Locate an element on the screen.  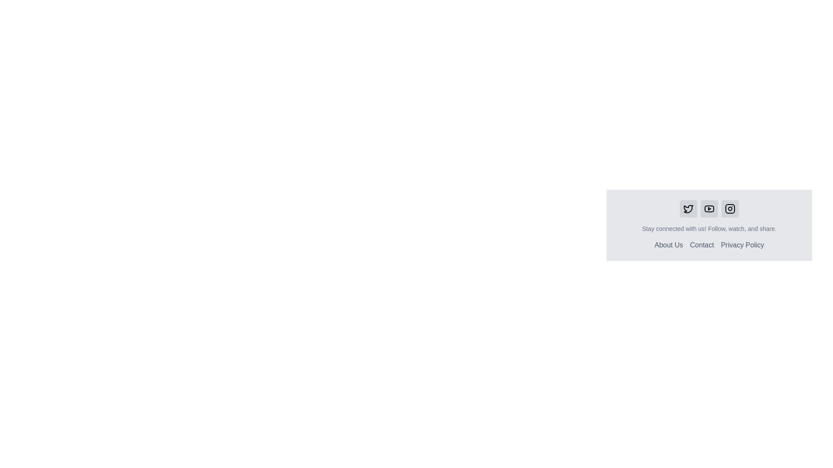
the 'About Us' hyperlink in the footer section is located at coordinates (668, 245).